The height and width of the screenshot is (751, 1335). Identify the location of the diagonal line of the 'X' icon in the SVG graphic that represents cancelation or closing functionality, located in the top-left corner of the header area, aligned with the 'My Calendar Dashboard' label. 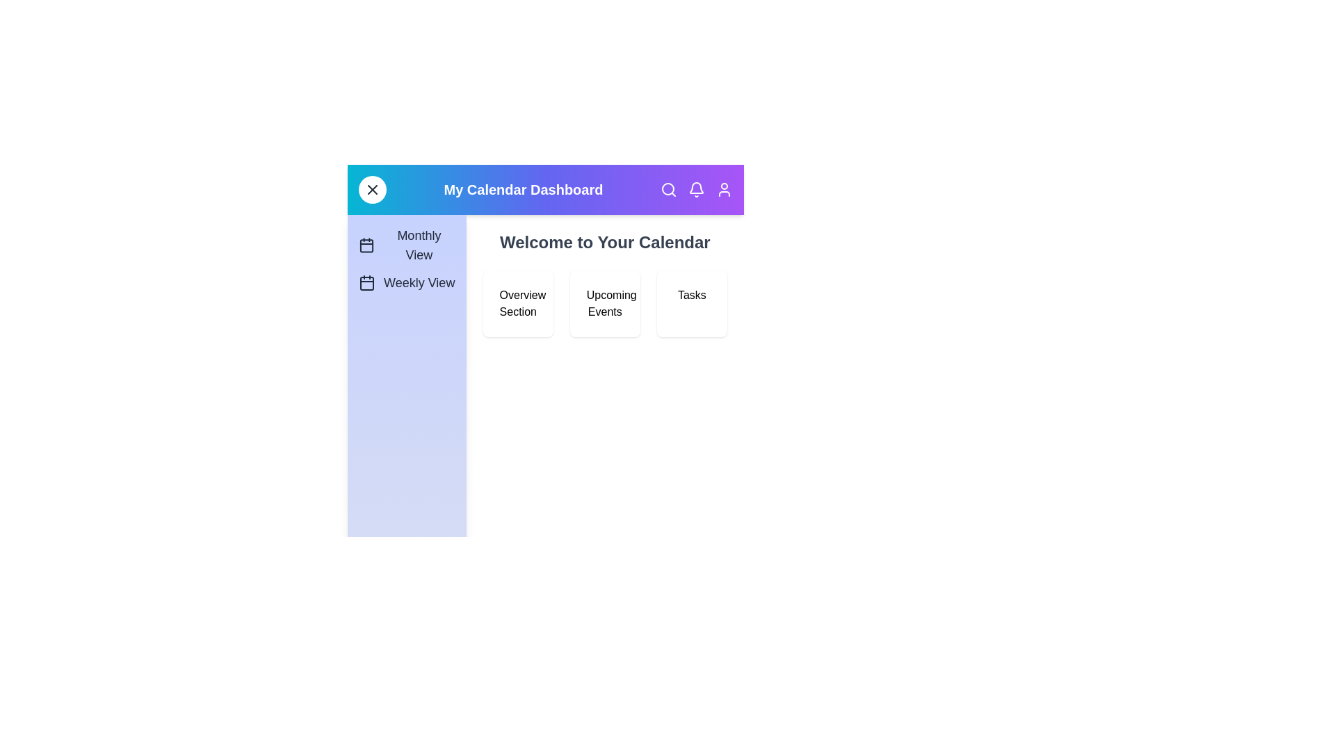
(373, 190).